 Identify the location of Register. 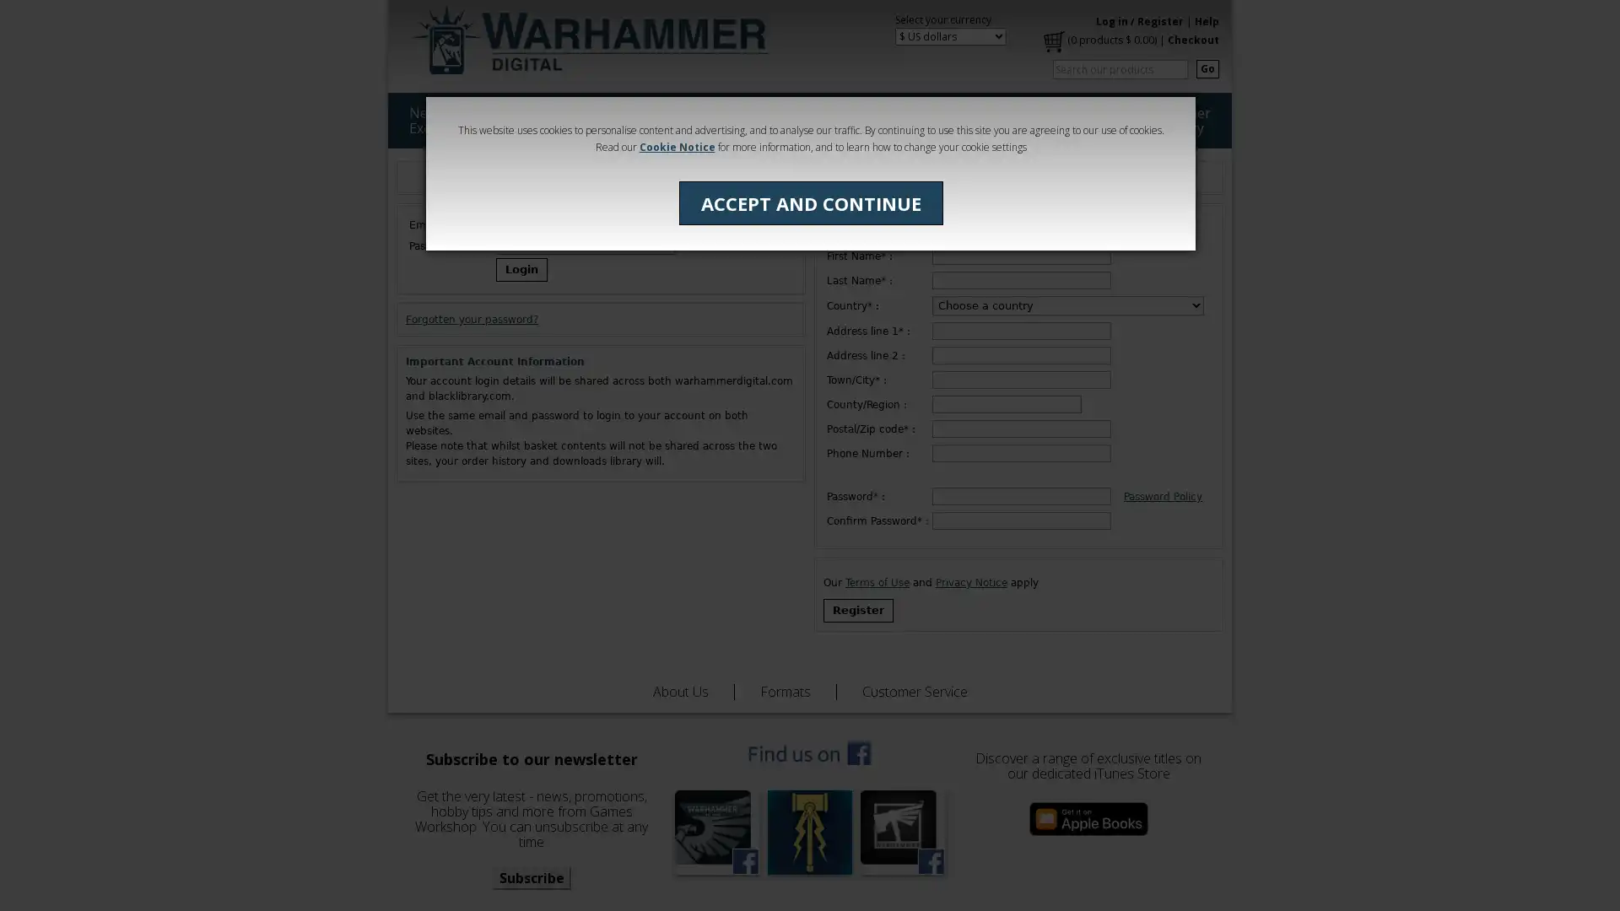
(858, 611).